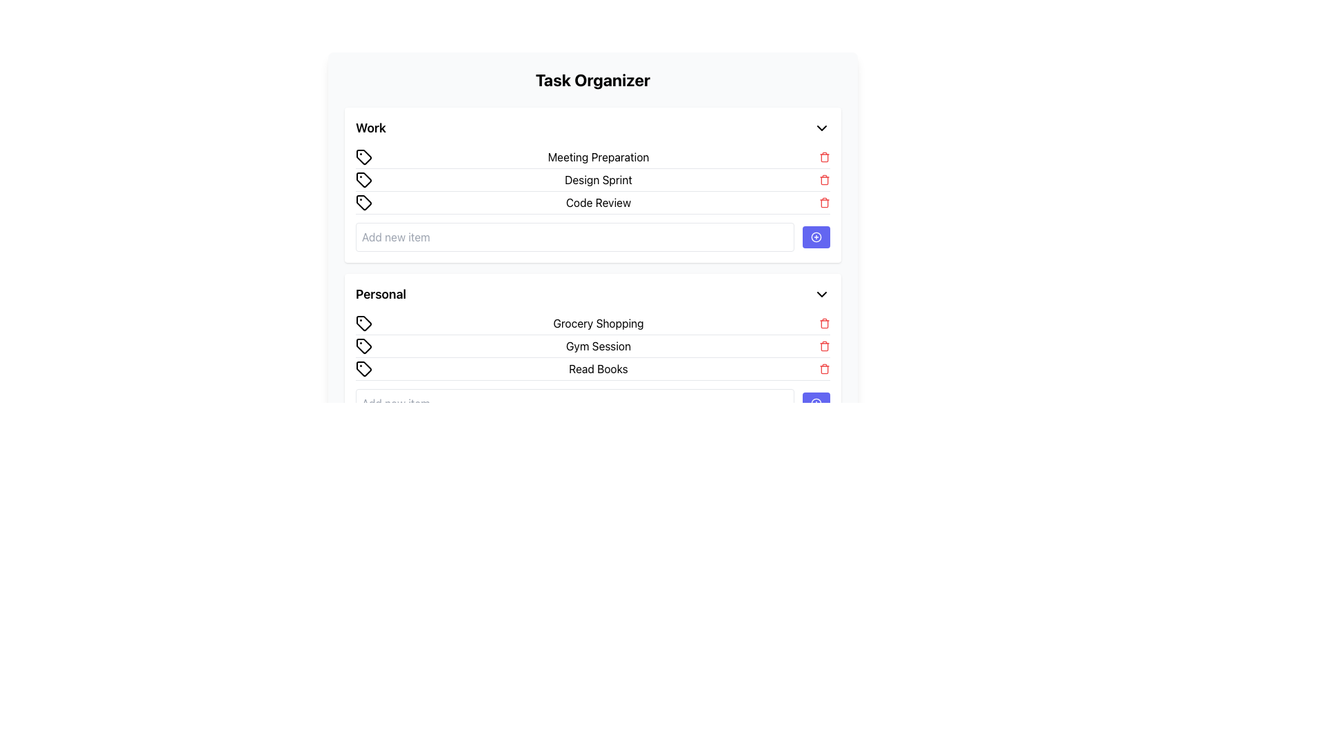 This screenshot has width=1324, height=745. What do you see at coordinates (364, 345) in the screenshot?
I see `the graphical icon resembling a tag, which has a thin black outline and a filled black circle near the top-left corner, located in the 'Personal' section under 'Task Organizer'` at bounding box center [364, 345].